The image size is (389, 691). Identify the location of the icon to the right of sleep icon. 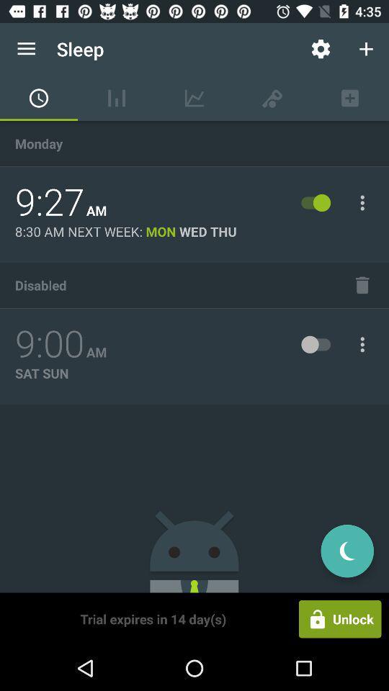
(321, 49).